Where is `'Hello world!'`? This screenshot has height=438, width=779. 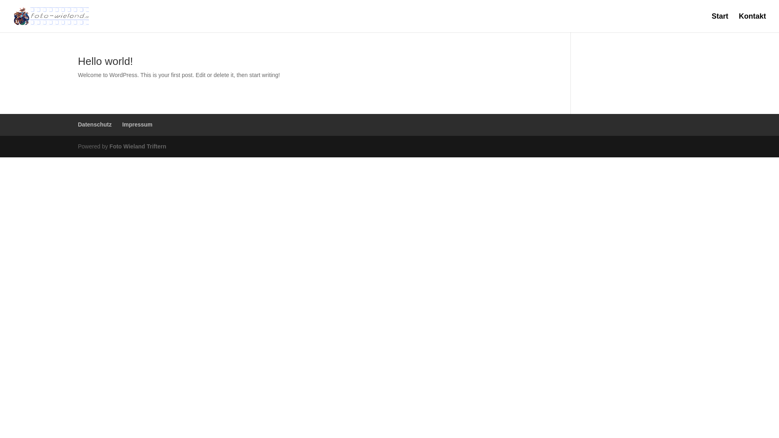 'Hello world!' is located at coordinates (105, 60).